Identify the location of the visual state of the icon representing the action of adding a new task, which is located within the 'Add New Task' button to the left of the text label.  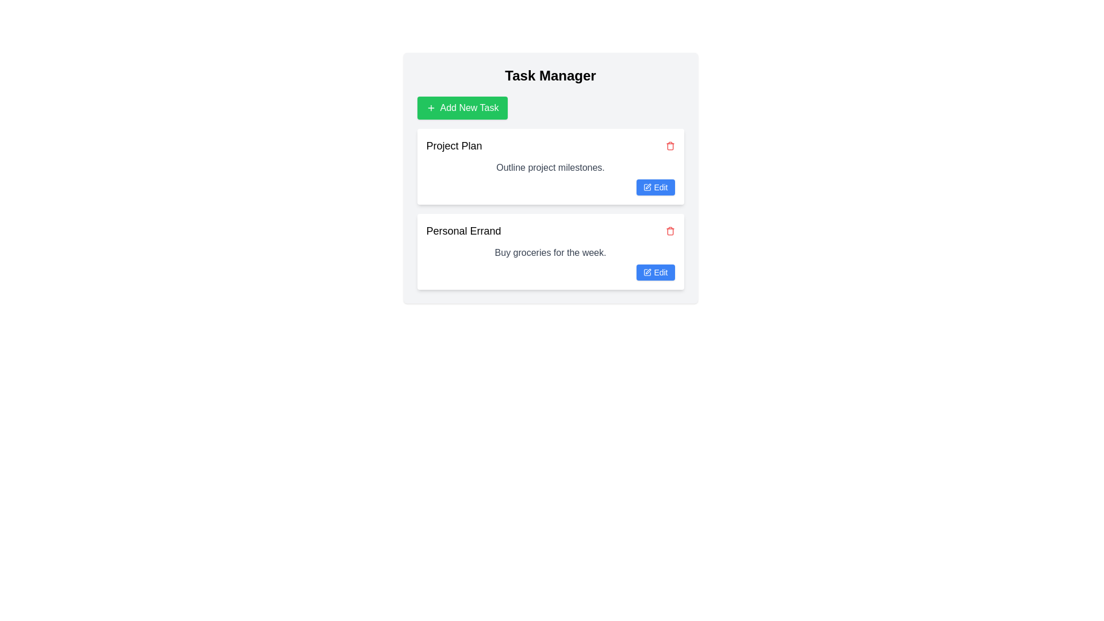
(430, 108).